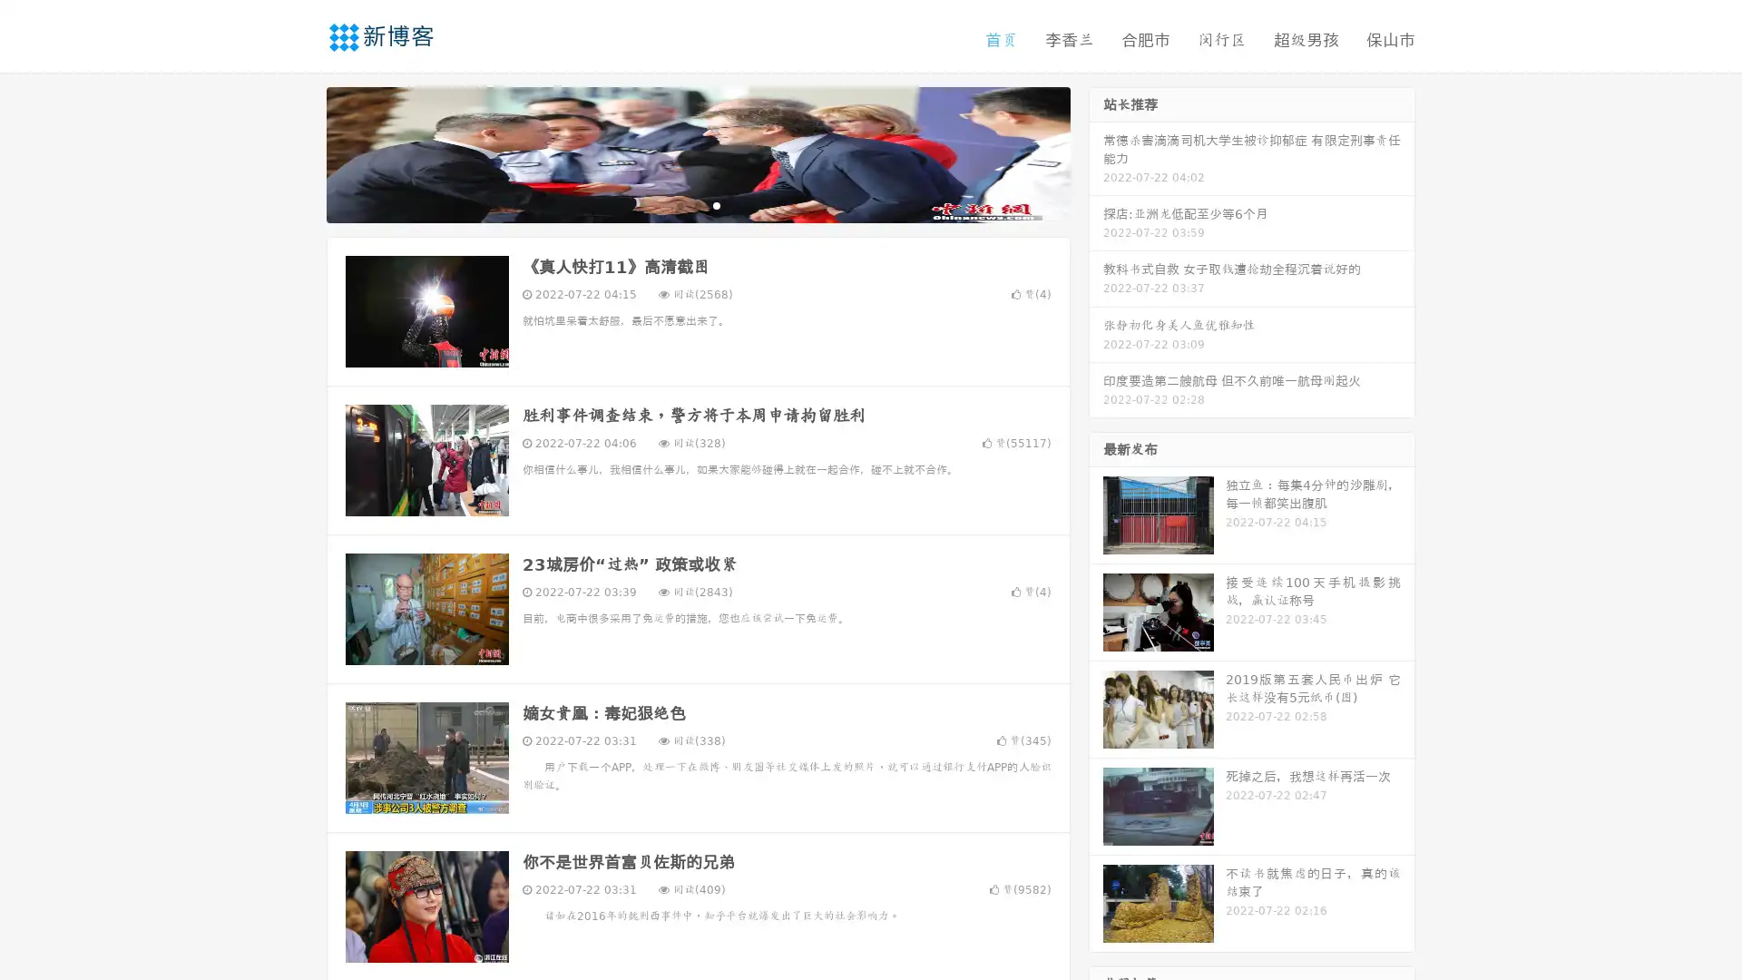 The image size is (1742, 980). Describe the element at coordinates (716, 204) in the screenshot. I see `Go to slide 3` at that location.